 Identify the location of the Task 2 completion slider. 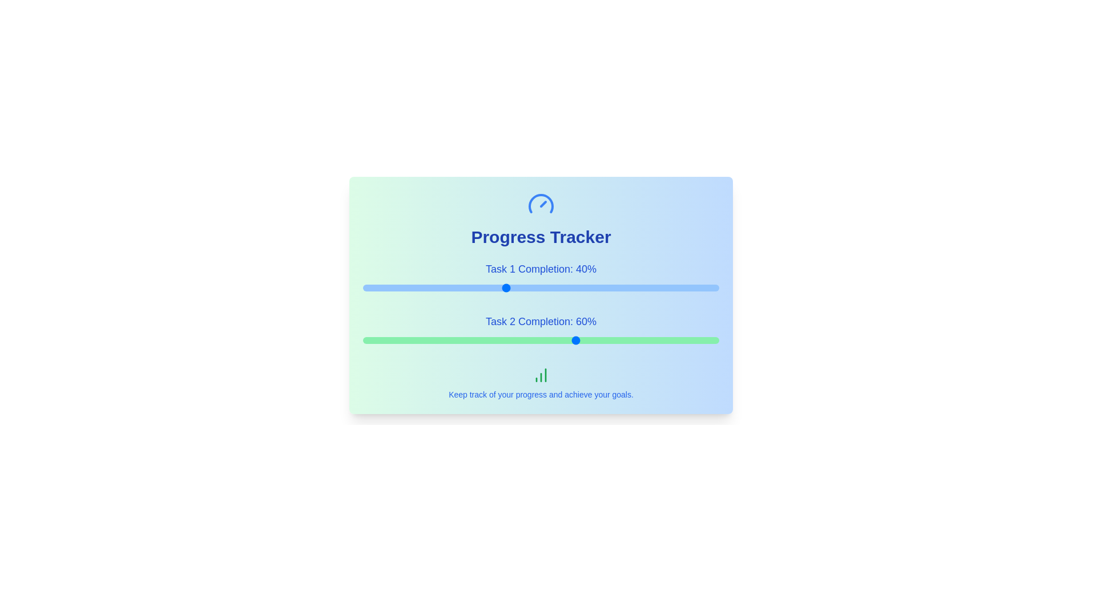
(551, 340).